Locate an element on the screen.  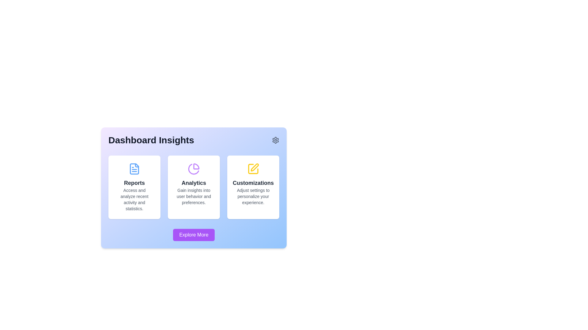
the text label displaying 'Gain insights into user behavior and preferences.' located beneath the 'Analytics' title in the Analytics section is located at coordinates (194, 196).